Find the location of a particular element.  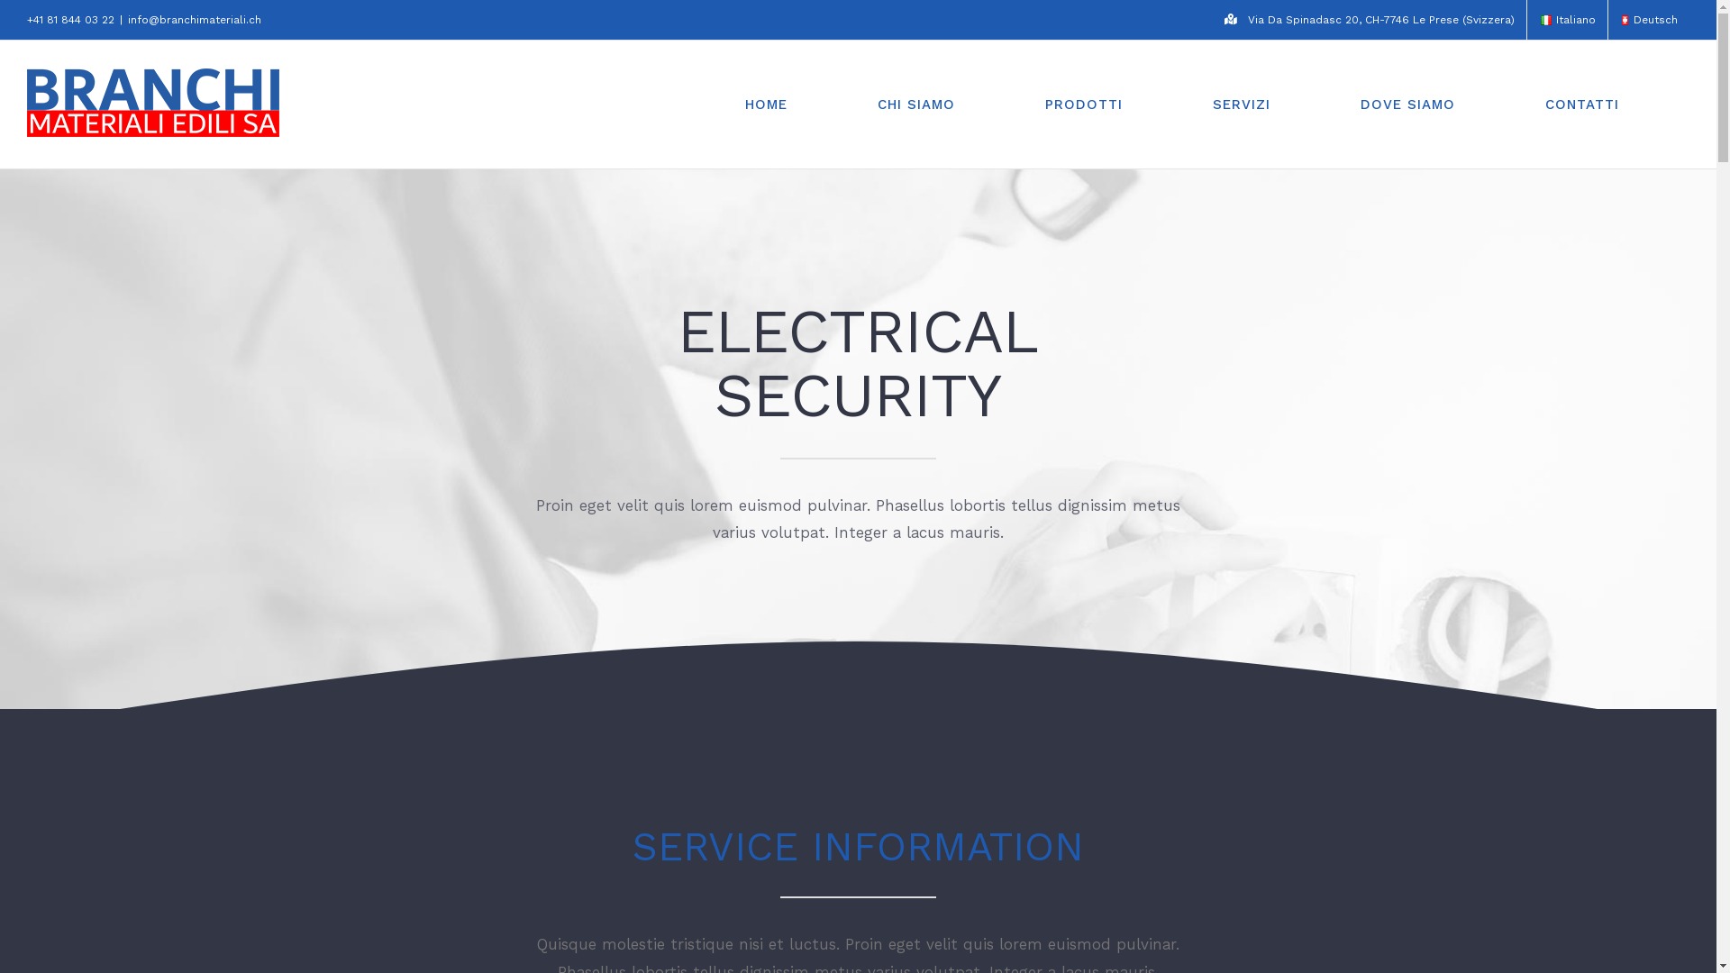

'Via Da Spinadasc 20, CH-7746 Le Prese (Svizzera)' is located at coordinates (1370, 20).